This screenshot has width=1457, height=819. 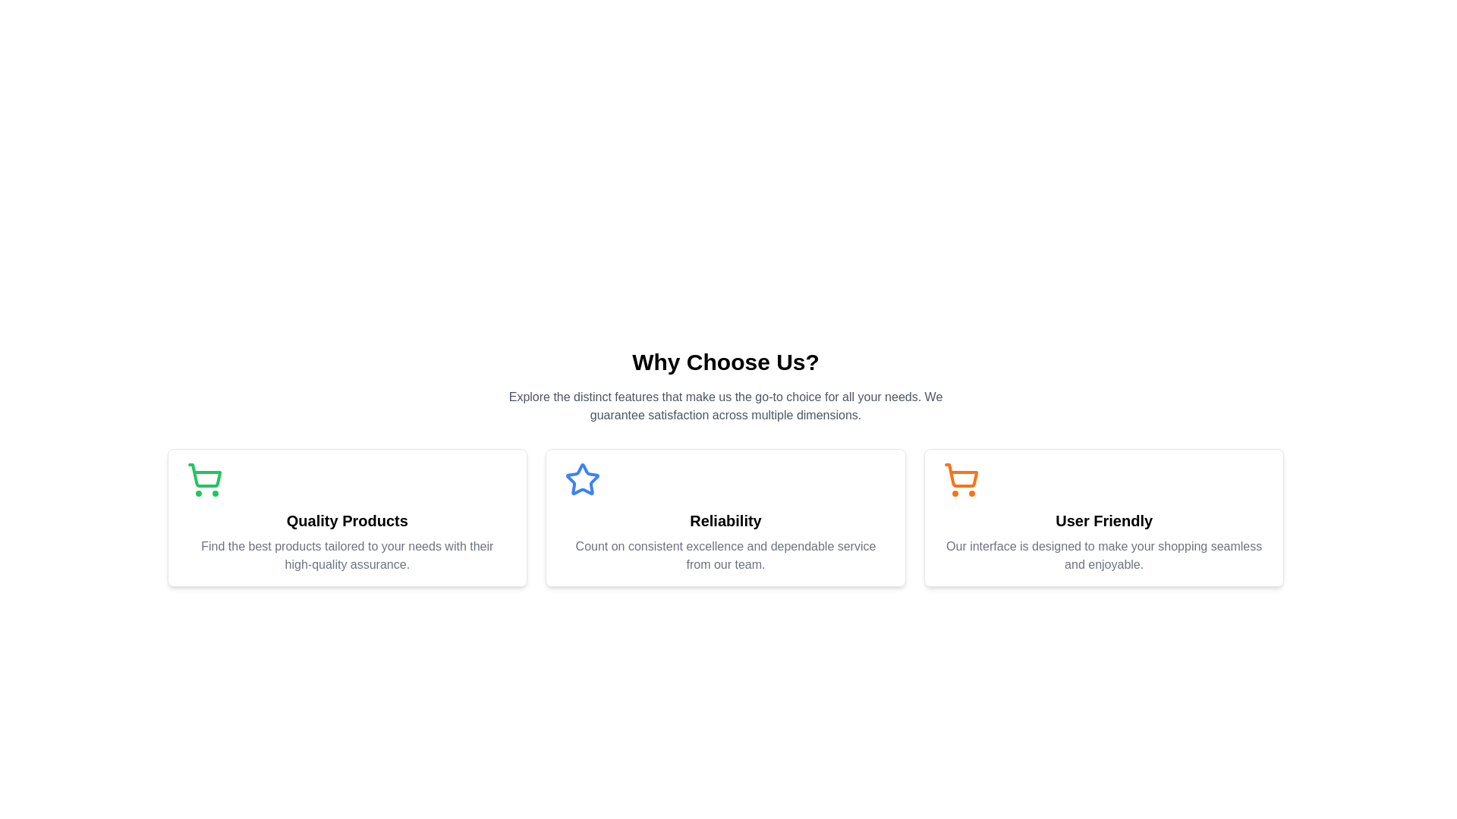 What do you see at coordinates (582, 479) in the screenshot?
I see `the star icon with a blue outline and hollow center located in the 'Reliability' section under the 'Why Choose Us?' heading` at bounding box center [582, 479].